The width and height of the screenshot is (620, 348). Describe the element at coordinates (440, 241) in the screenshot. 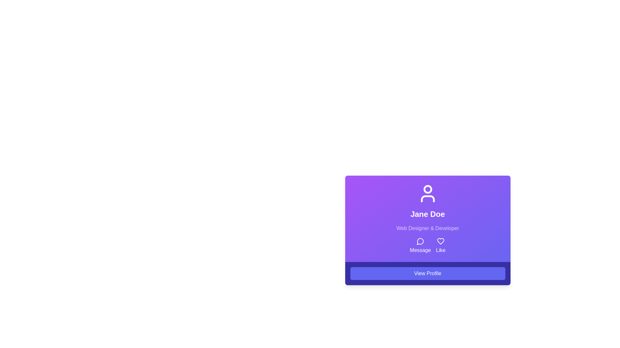

I see `the heart-shaped icon located at the bottom-center of the card to like the profile` at that location.